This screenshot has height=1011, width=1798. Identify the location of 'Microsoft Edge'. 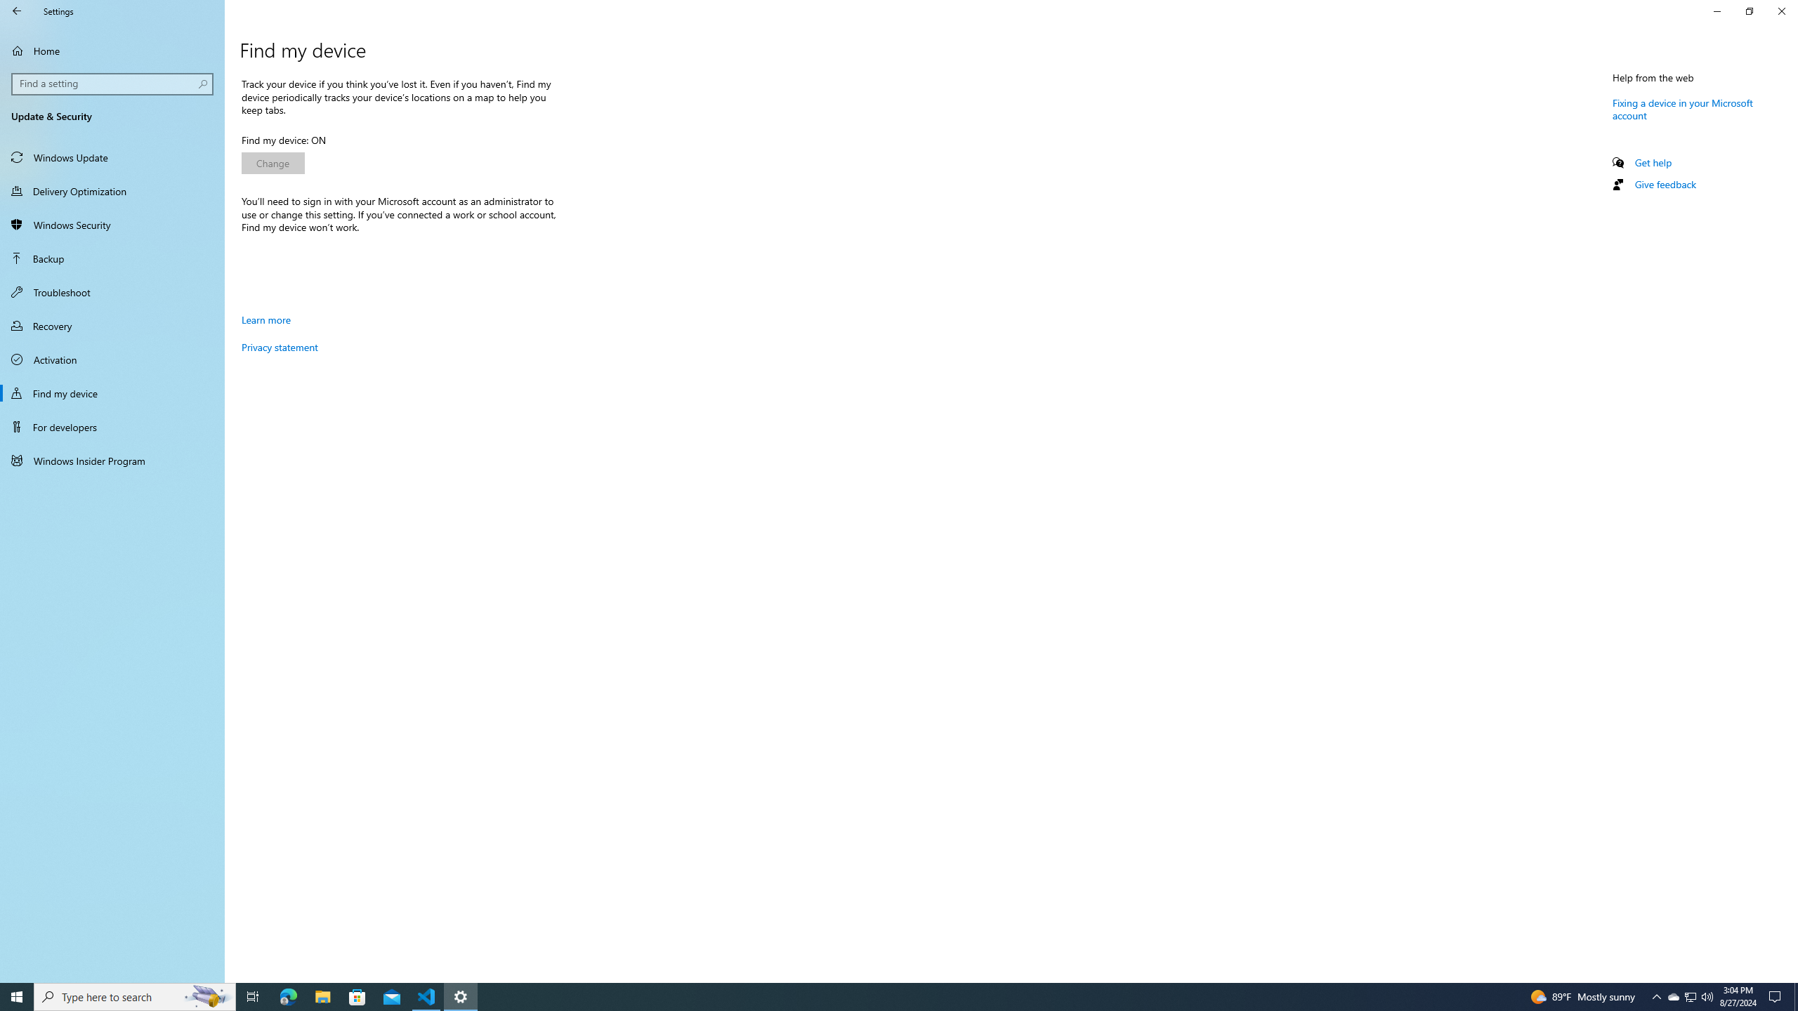
(287, 996).